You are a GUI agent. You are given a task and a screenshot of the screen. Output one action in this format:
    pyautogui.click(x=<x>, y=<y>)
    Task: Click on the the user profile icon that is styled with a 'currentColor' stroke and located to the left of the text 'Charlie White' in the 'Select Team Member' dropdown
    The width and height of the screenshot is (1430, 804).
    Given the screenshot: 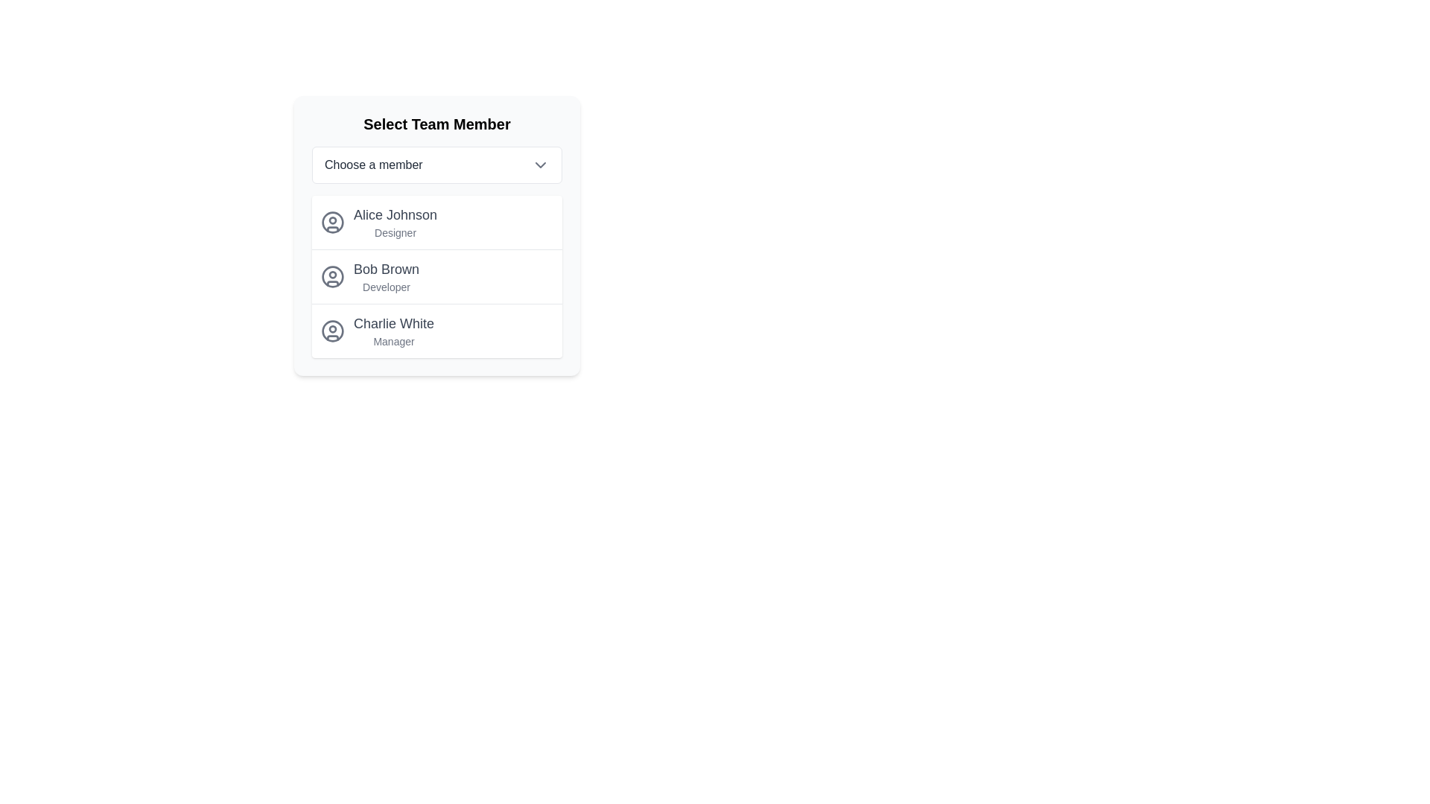 What is the action you would take?
    pyautogui.click(x=331, y=330)
    